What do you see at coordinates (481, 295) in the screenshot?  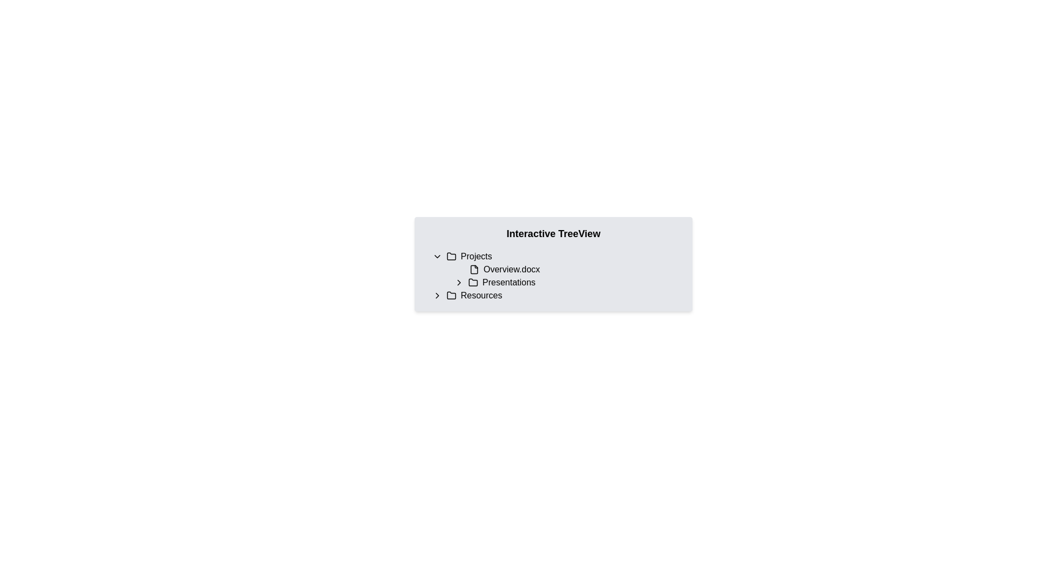 I see `on the text label 'Resources'` at bounding box center [481, 295].